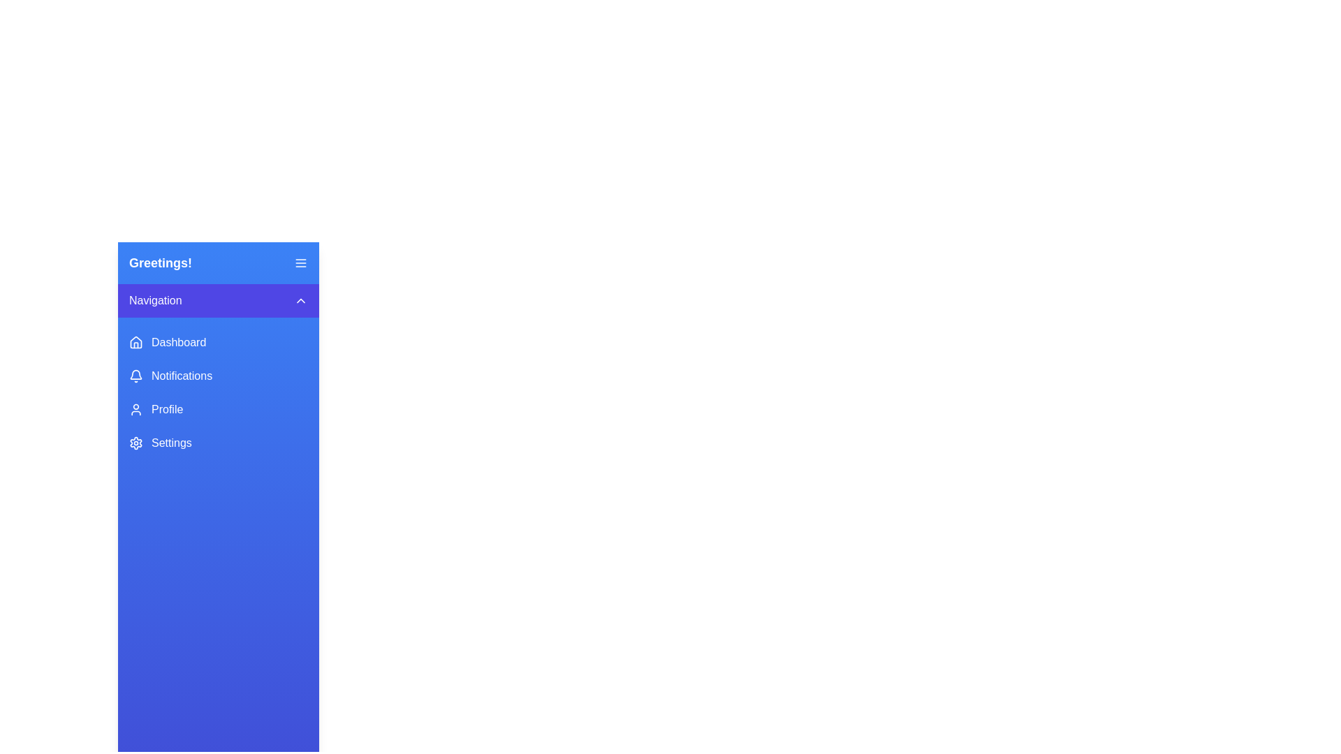 The image size is (1341, 754). Describe the element at coordinates (136, 342) in the screenshot. I see `the house-shaped icon located to the left of the 'Dashboard' text` at that location.